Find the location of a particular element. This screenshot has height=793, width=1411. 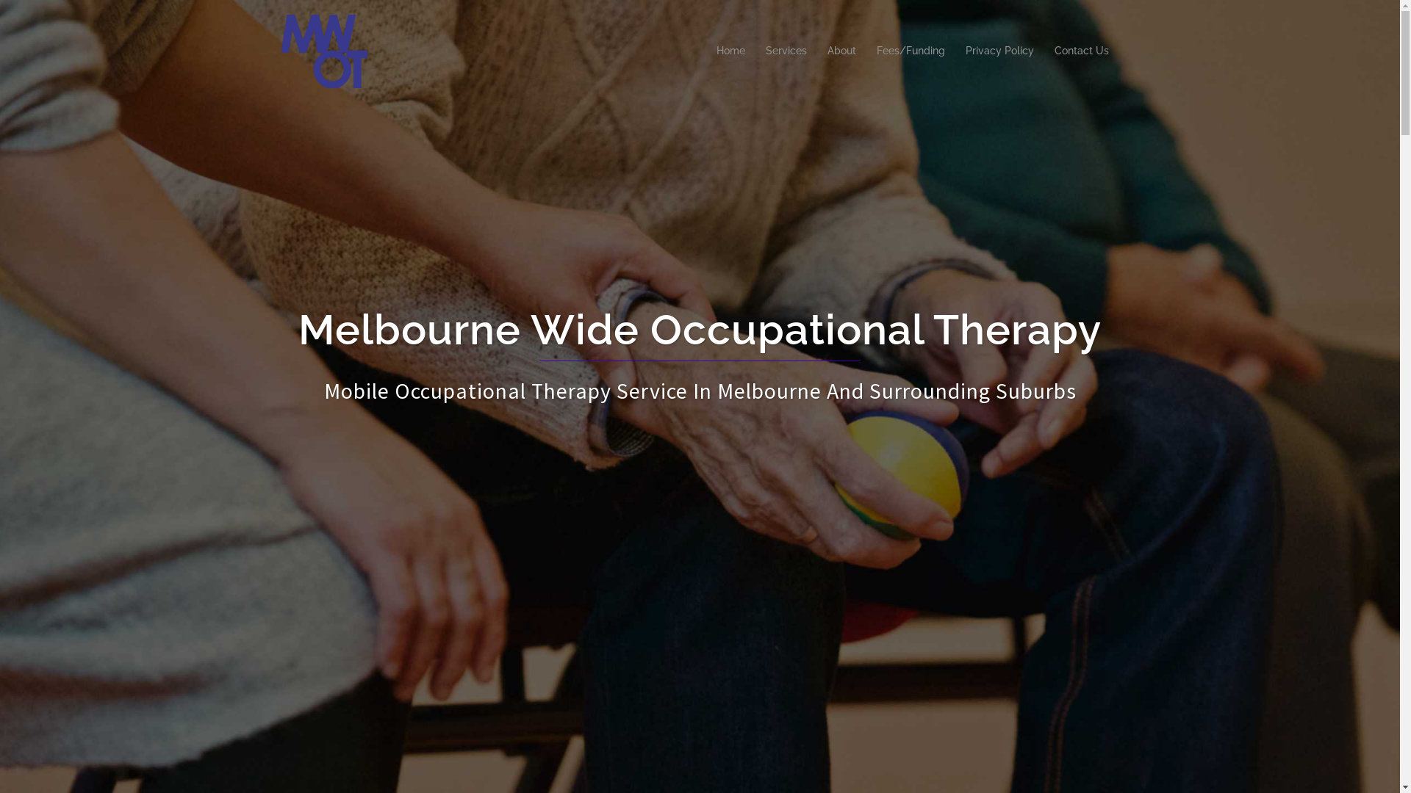

'Services' is located at coordinates (786, 50).